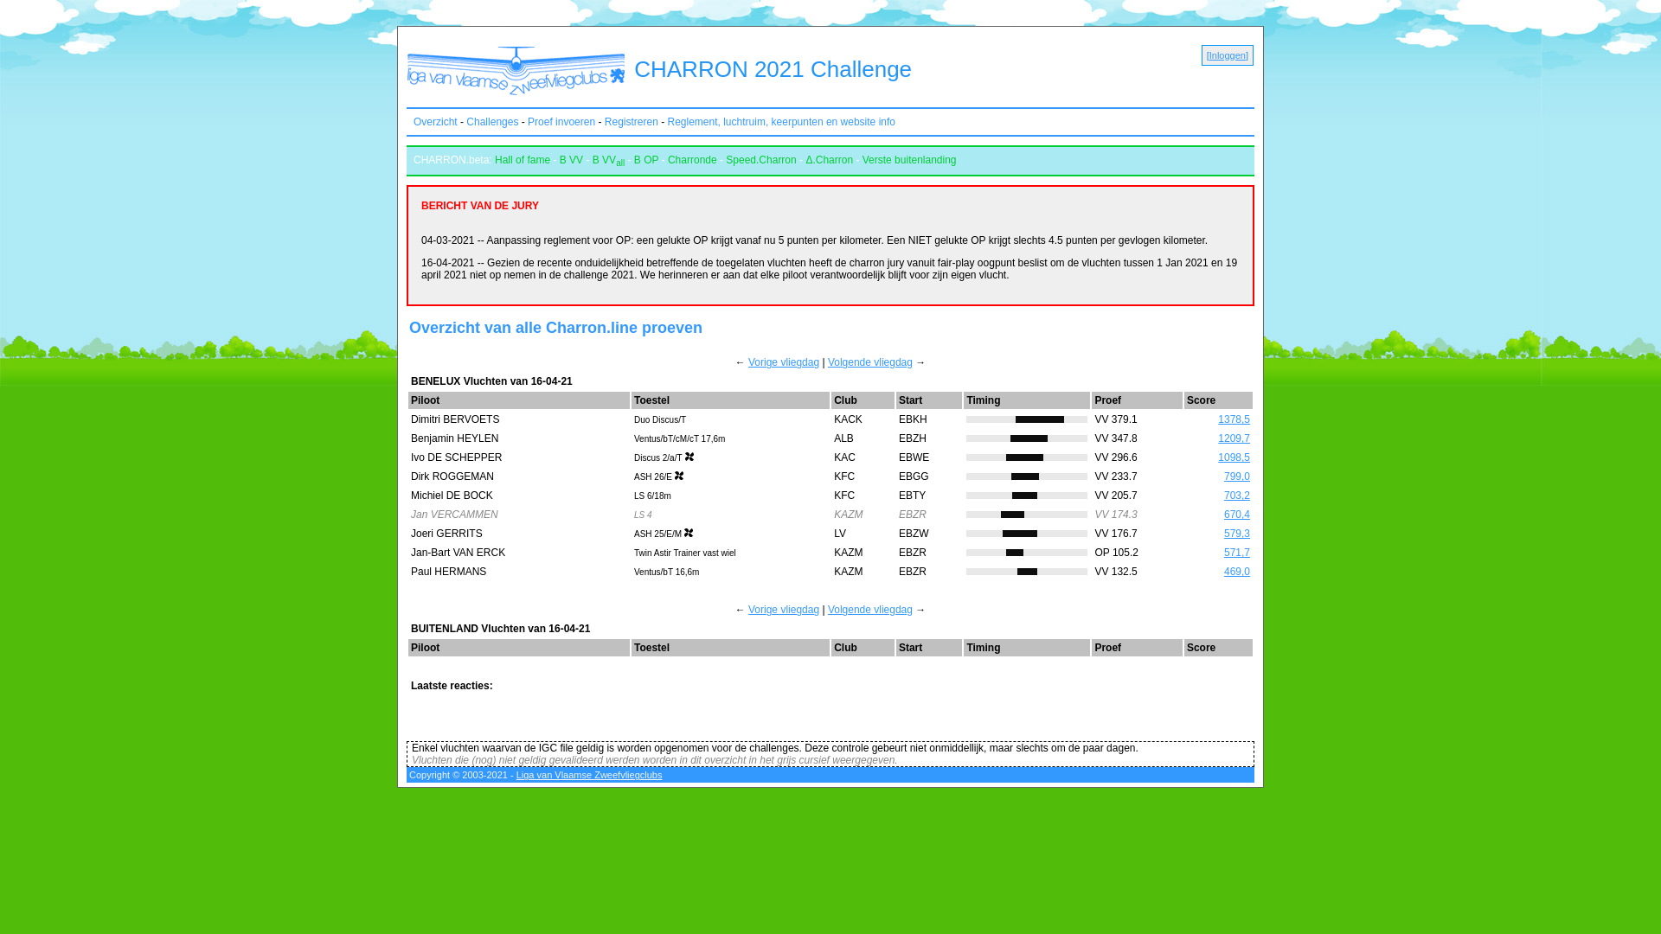  What do you see at coordinates (783, 361) in the screenshot?
I see `'Vorige vliegdag'` at bounding box center [783, 361].